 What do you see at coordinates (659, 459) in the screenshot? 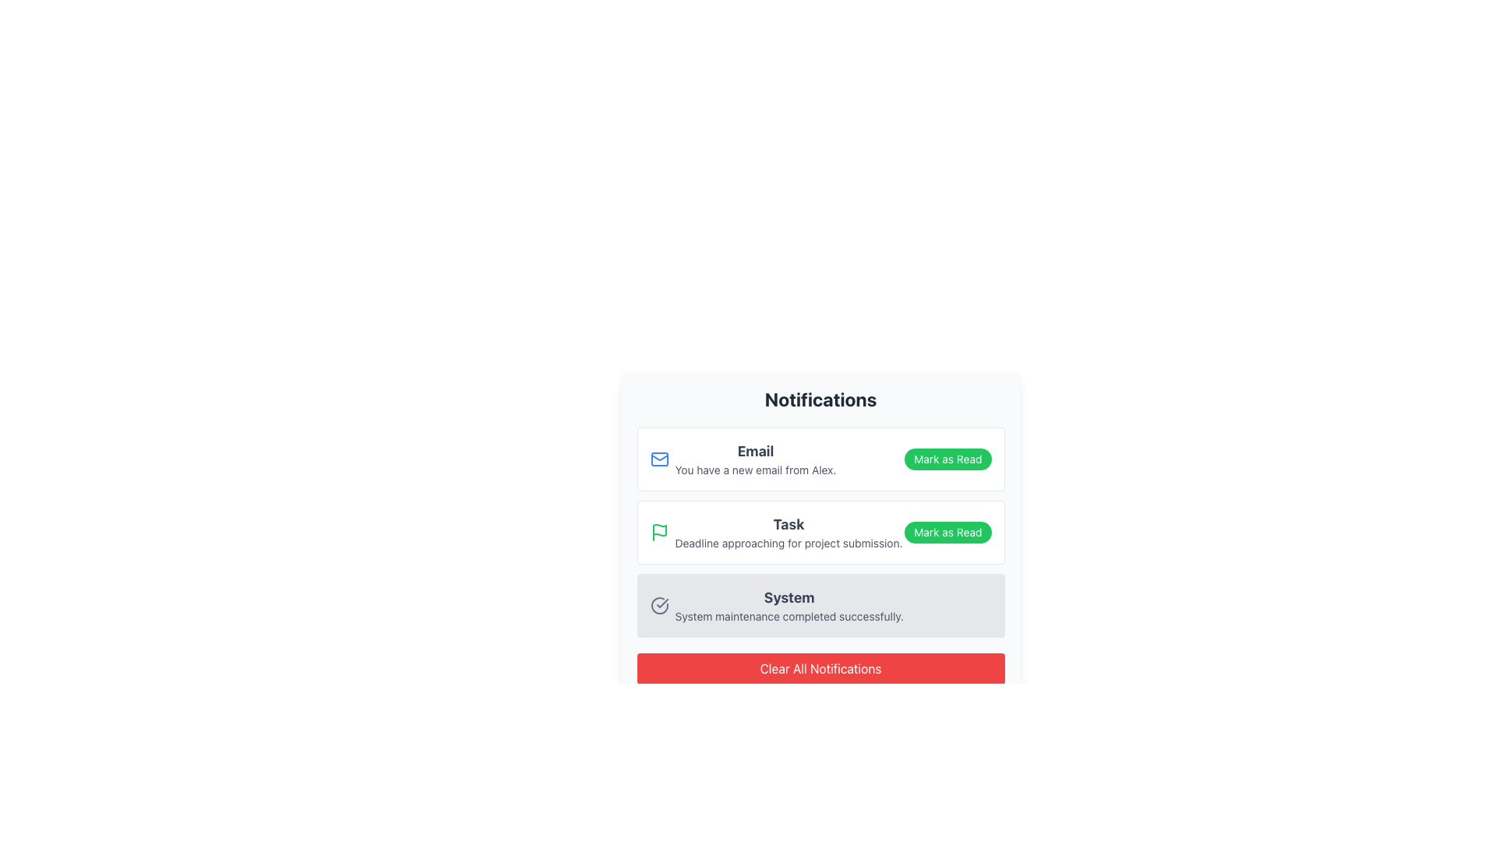
I see `the blue-colored mail icon located to the far left within the 'Email' notification card, adjacent to the bolded 'Email' text` at bounding box center [659, 459].